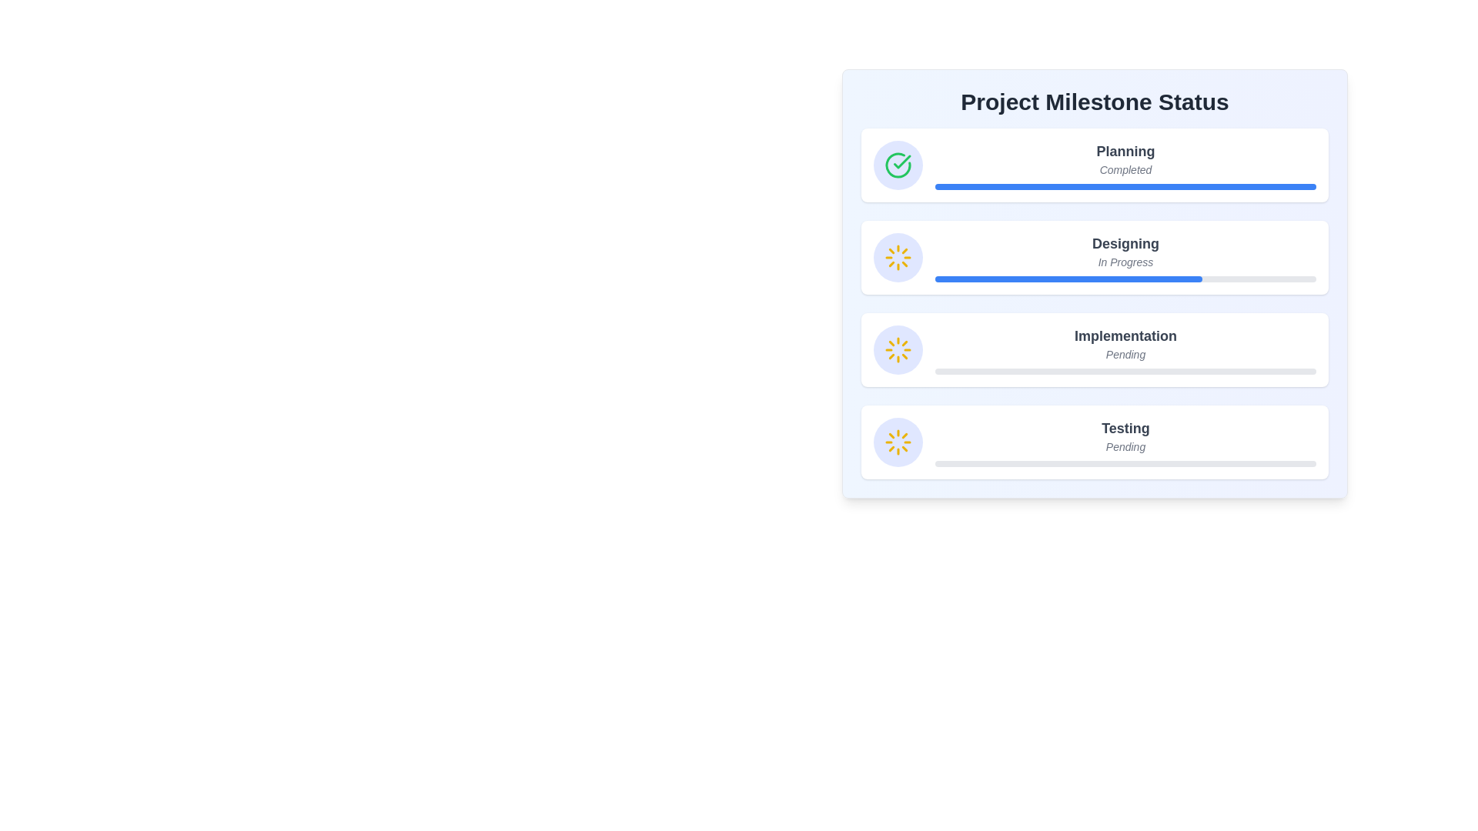 This screenshot has height=831, width=1478. Describe the element at coordinates (1125, 257) in the screenshot. I see `the Progress indicator that shows the current progress status of the 'Designing' project phase, which is the second item under the 'Project Milestone Status' header` at that location.